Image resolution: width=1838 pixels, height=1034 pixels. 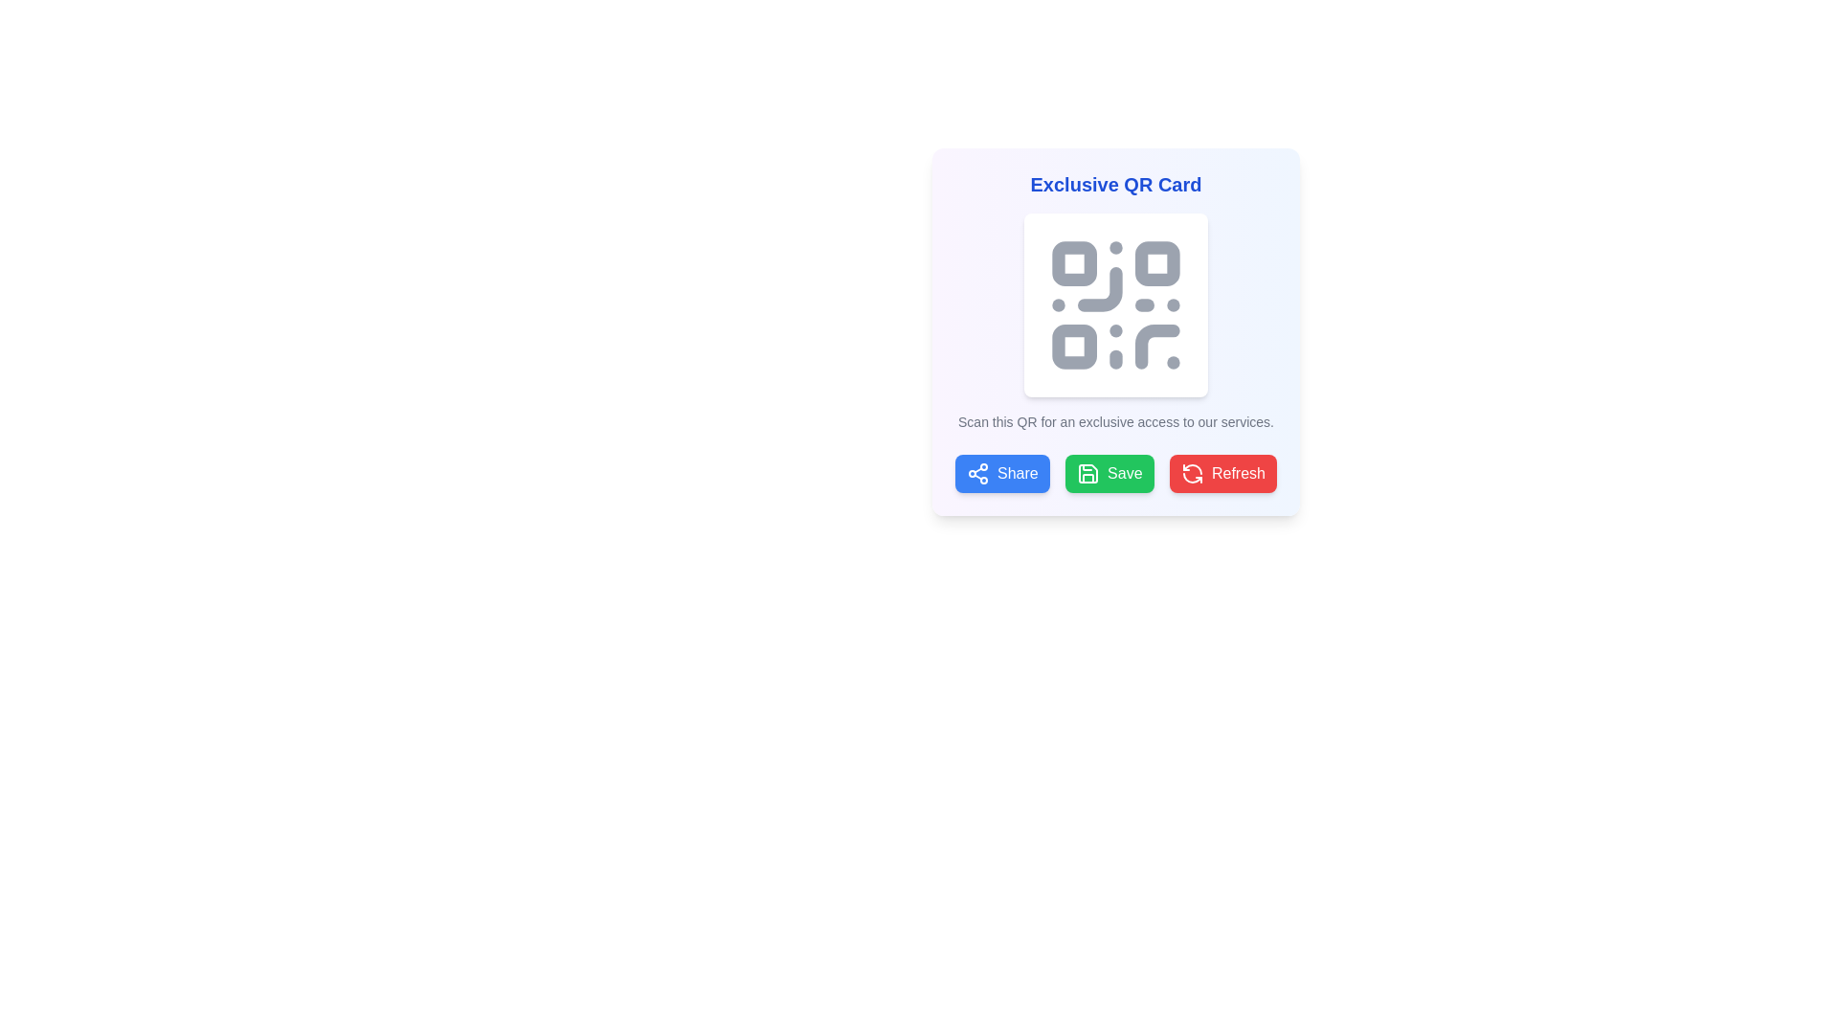 What do you see at coordinates (1116, 304) in the screenshot?
I see `the Graphical QR Code element, which is a light gray QR code design within a rounded white card, located under the title 'Exclusive QR Card'` at bounding box center [1116, 304].